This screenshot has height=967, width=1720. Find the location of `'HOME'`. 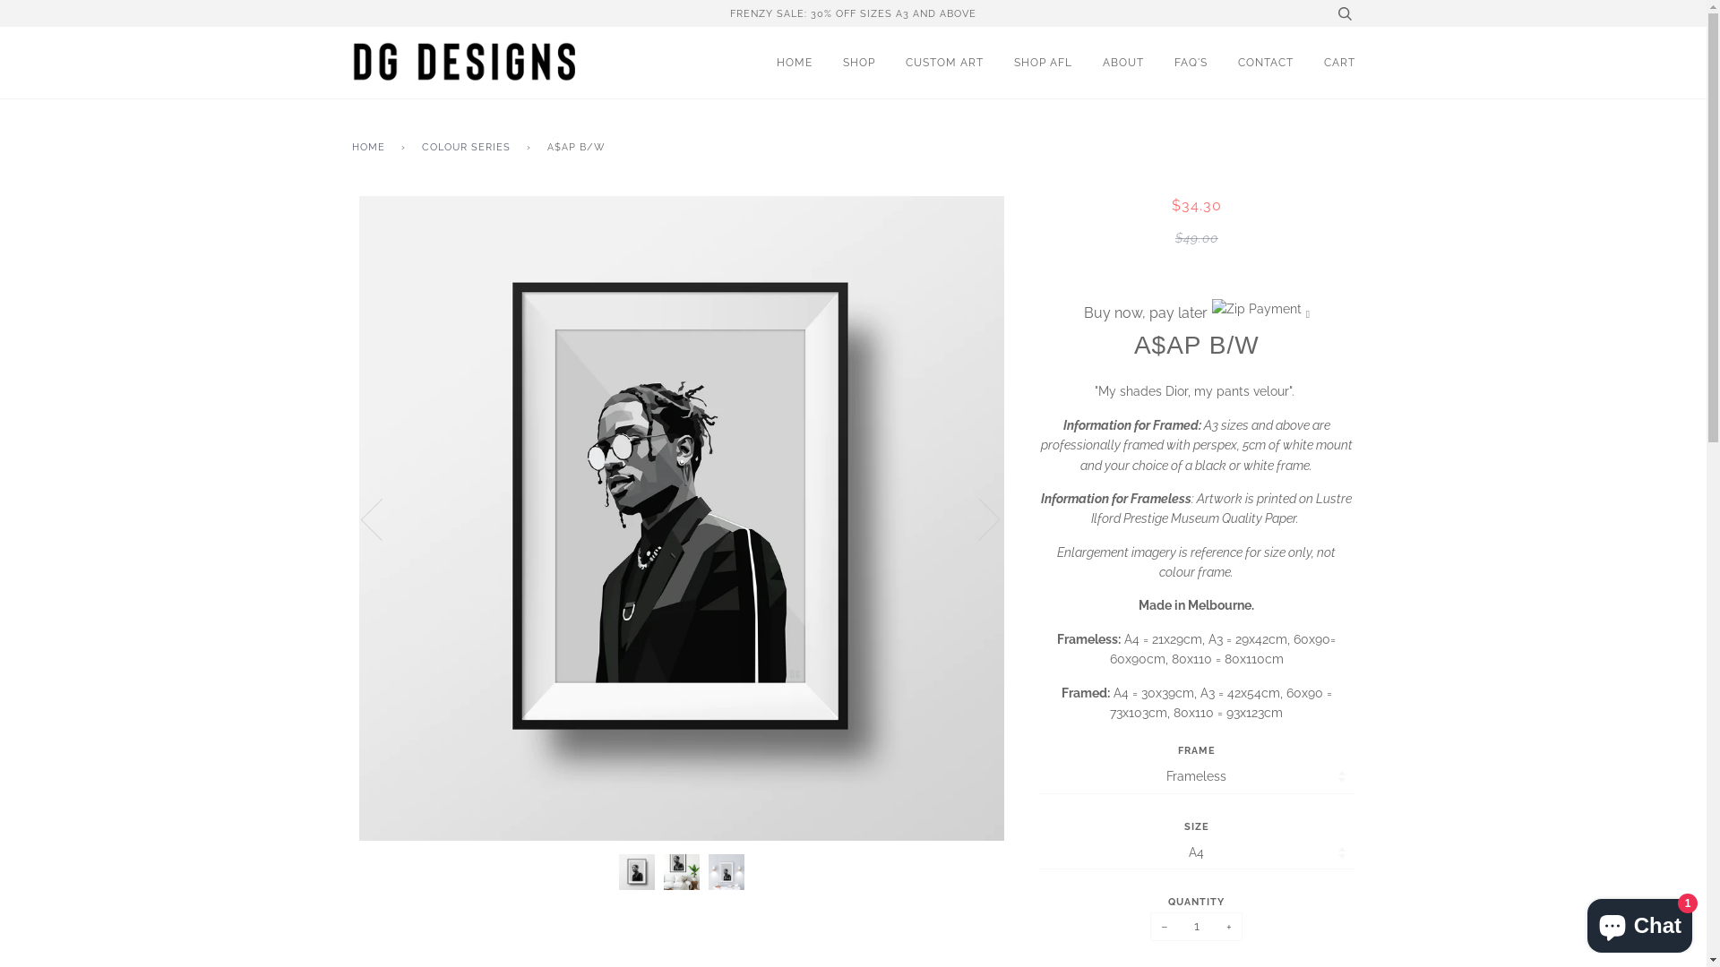

'HOME' is located at coordinates (369, 147).